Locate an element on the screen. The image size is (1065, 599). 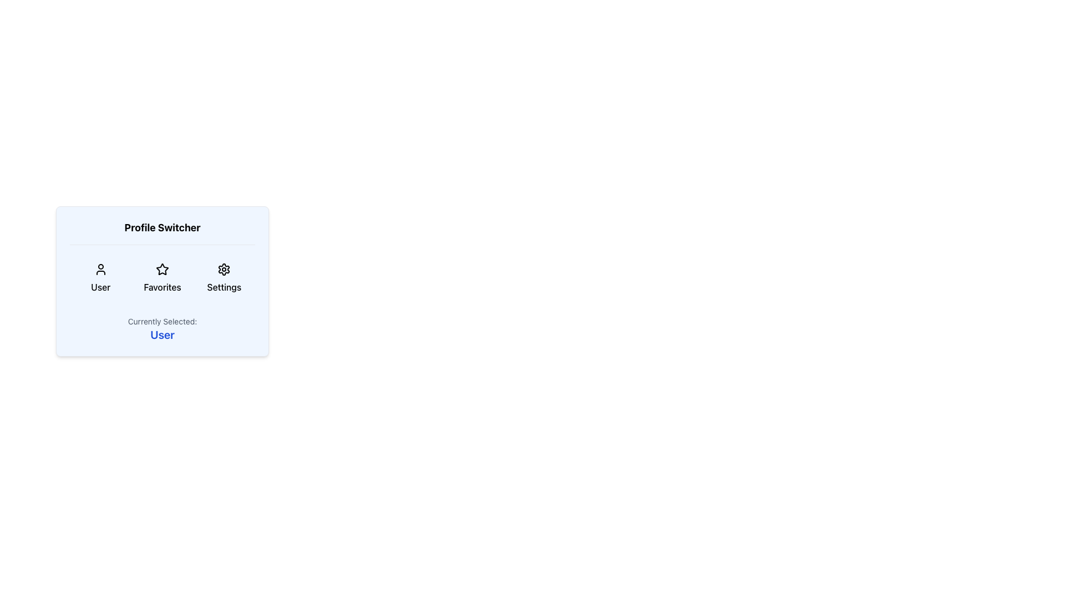
the static text display element that indicates the currently selected profile in the 'Profile Switcher' interface, located below the 'Currently Selected:' label is located at coordinates (161, 334).